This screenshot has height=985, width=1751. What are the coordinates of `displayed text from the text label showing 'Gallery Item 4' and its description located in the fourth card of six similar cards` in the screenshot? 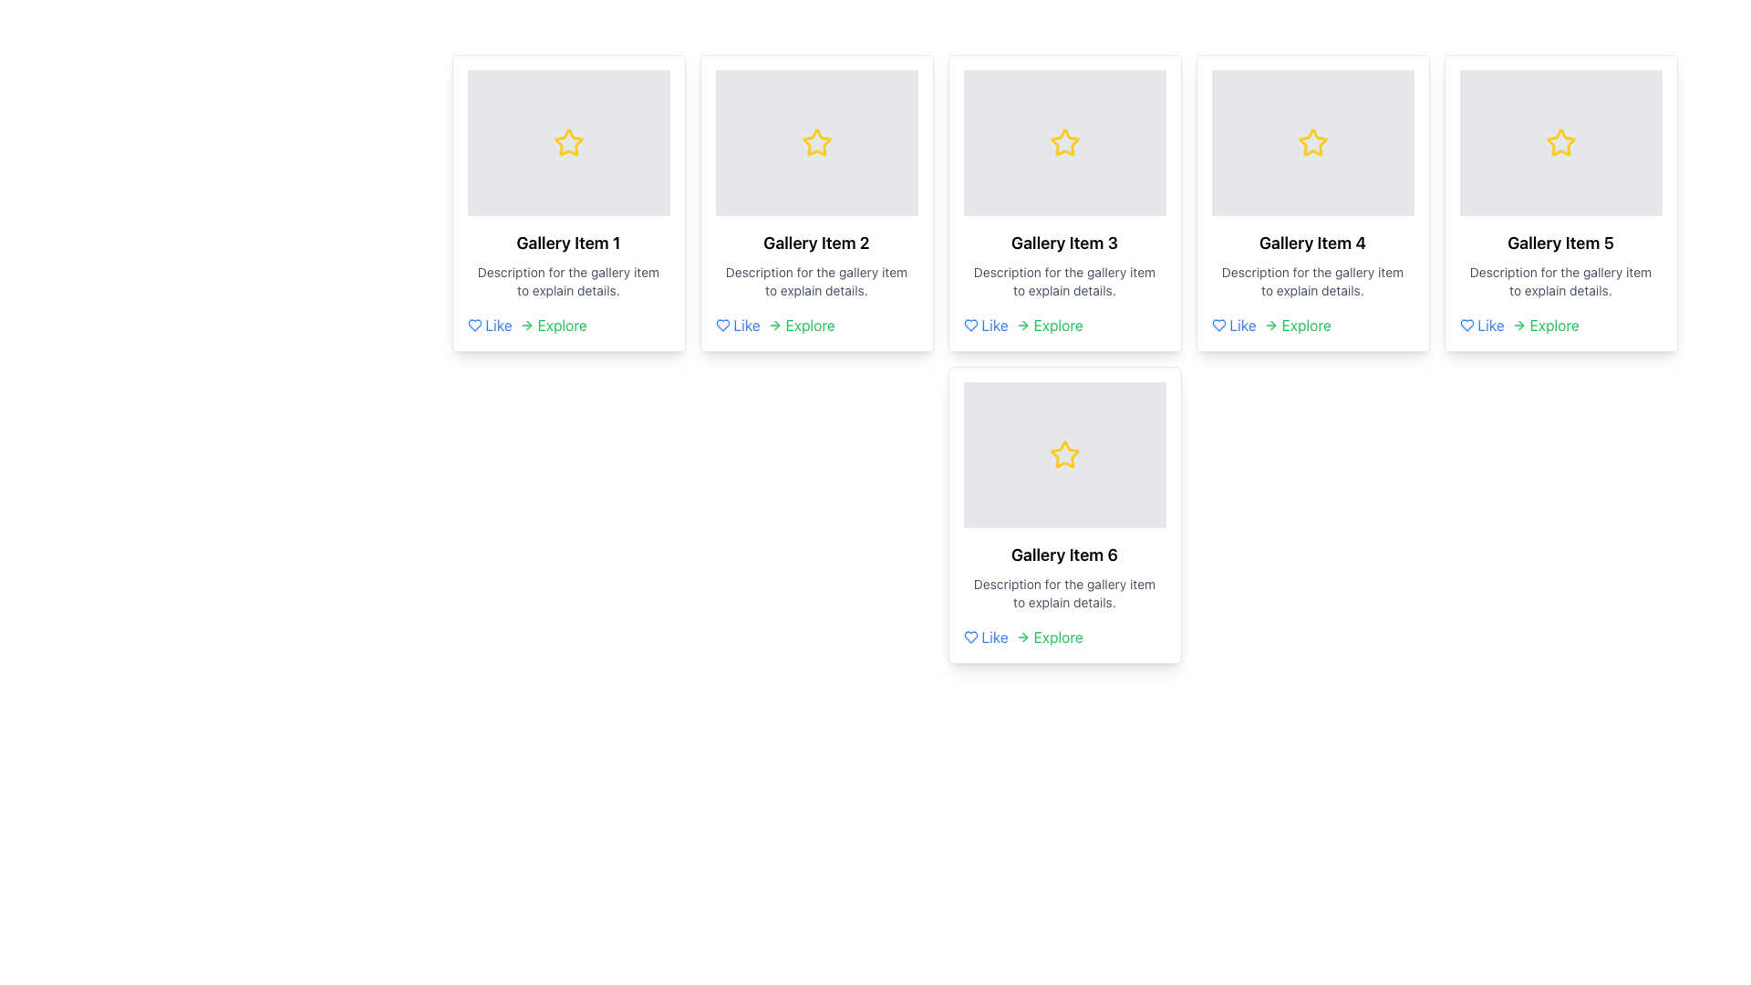 It's located at (1311, 264).